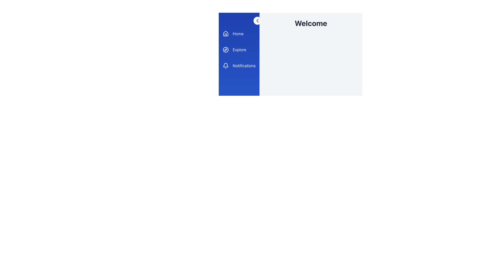 This screenshot has width=480, height=270. What do you see at coordinates (225, 50) in the screenshot?
I see `the circular SVG element that enhances the compass icon in the navigation menu, located between the 'Home' and 'Notifications' options` at bounding box center [225, 50].